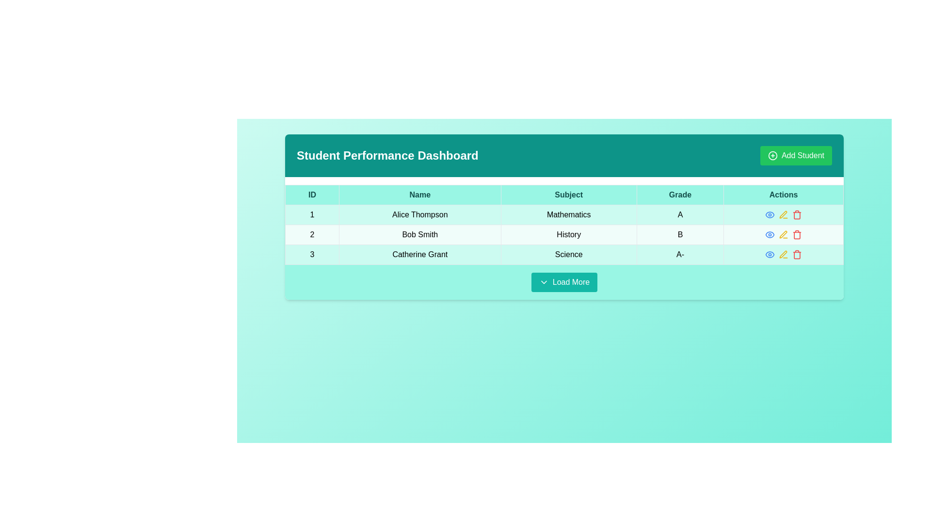 This screenshot has height=524, width=931. What do you see at coordinates (679, 195) in the screenshot?
I see `the table header cell labeled 'Grade', which is the fourth cell in the row header of the table, featuring a teal background and bold typography` at bounding box center [679, 195].